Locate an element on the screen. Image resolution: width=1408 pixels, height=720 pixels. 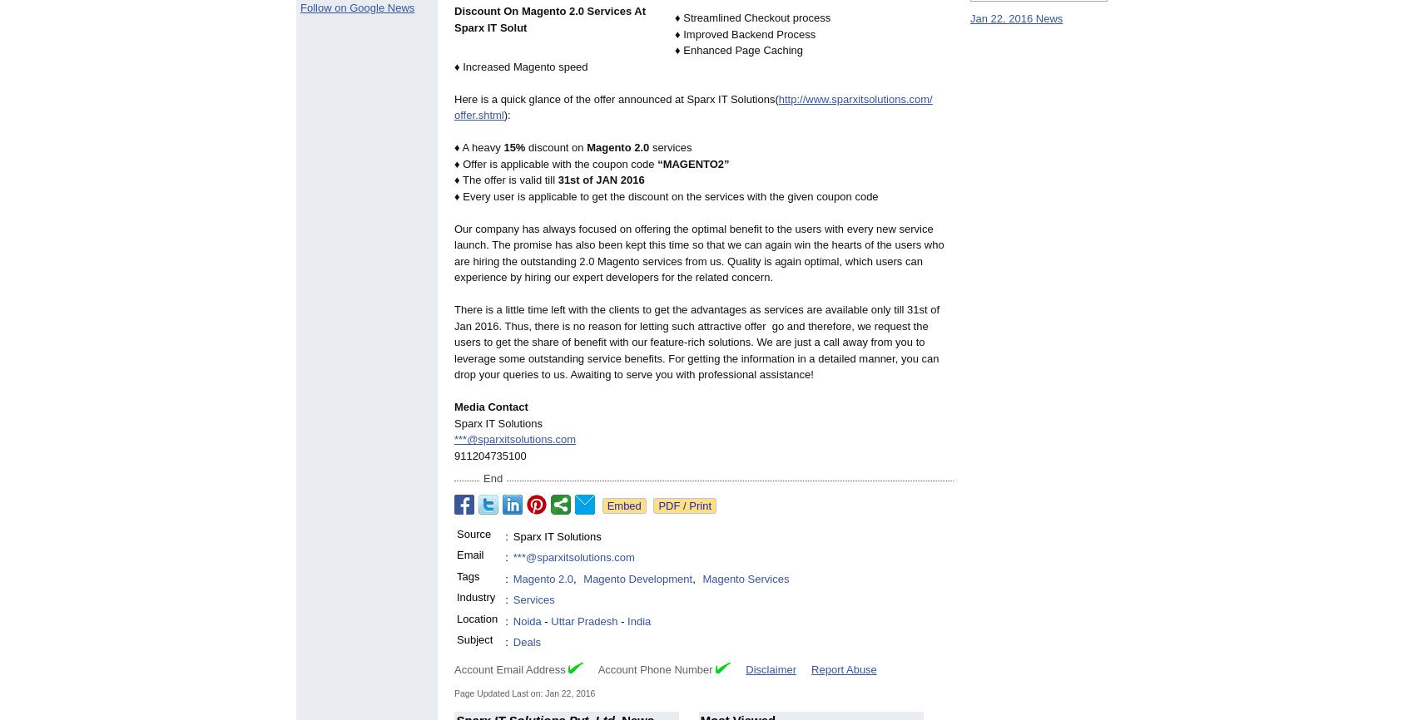
'♦ Offer is applicable with the coupon code' is located at coordinates (556, 163).